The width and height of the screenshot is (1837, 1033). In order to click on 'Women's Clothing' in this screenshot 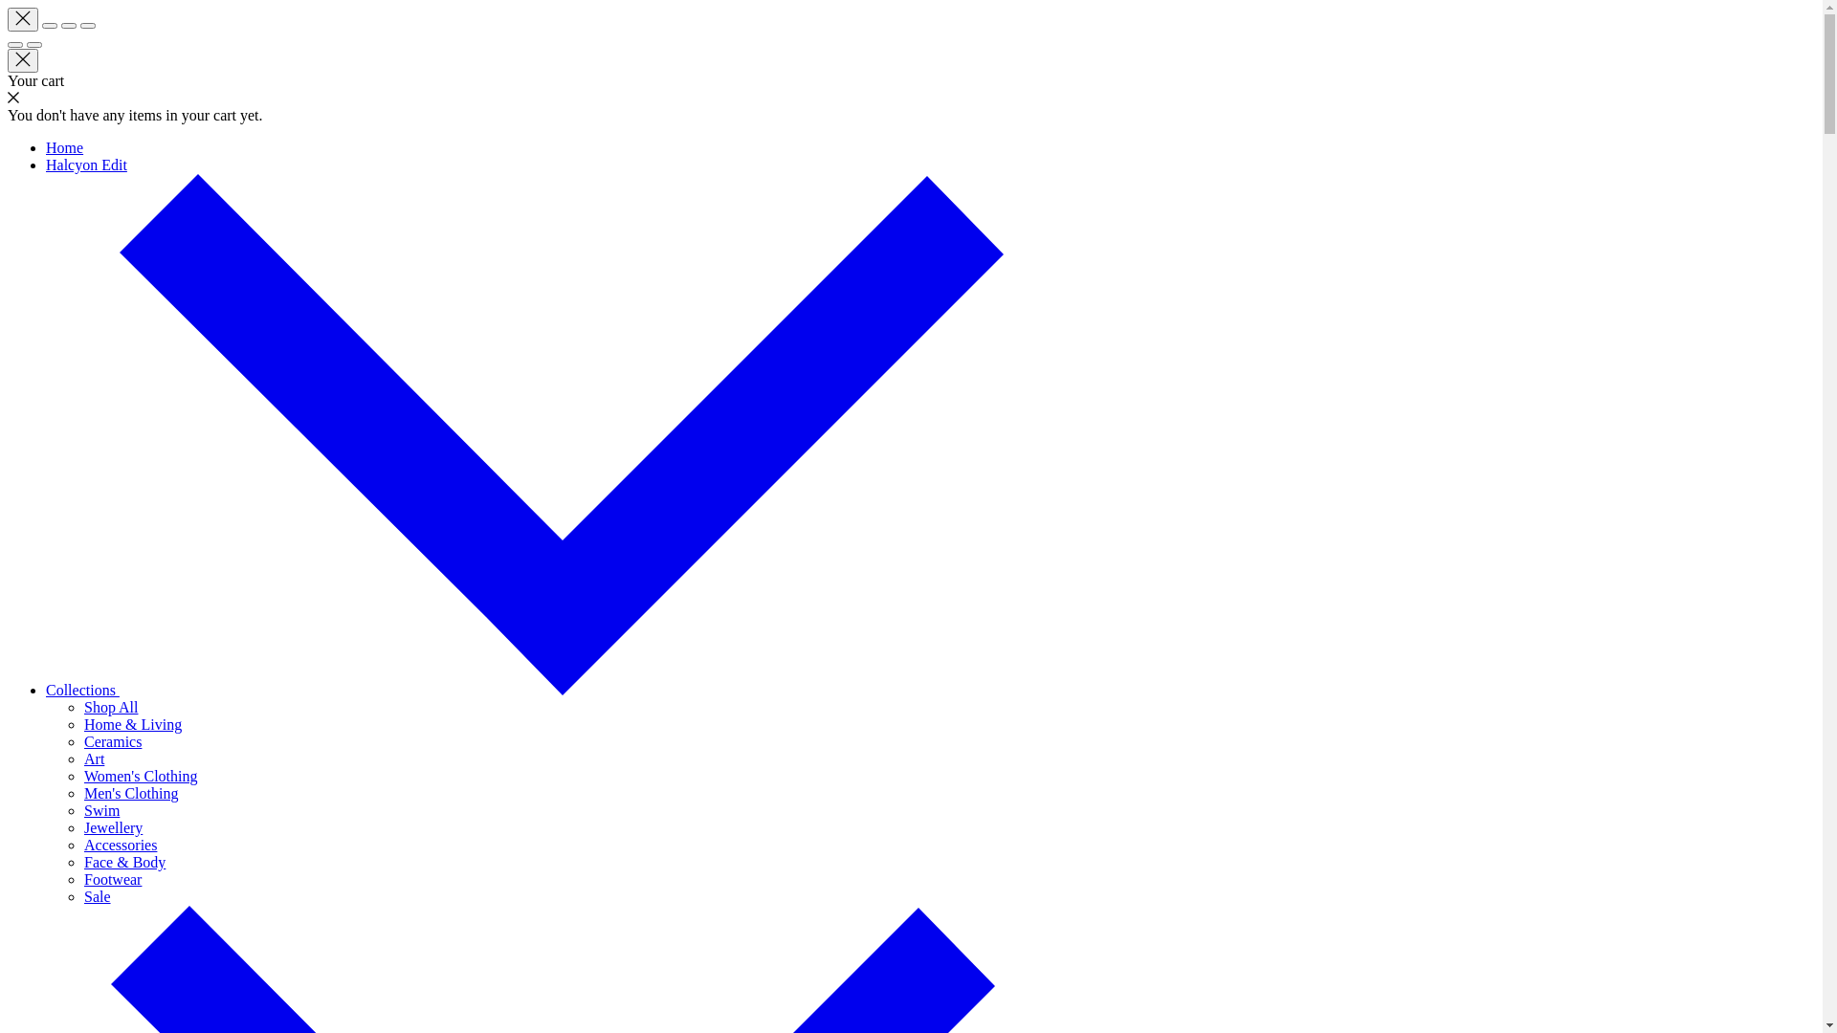, I will do `click(82, 776)`.